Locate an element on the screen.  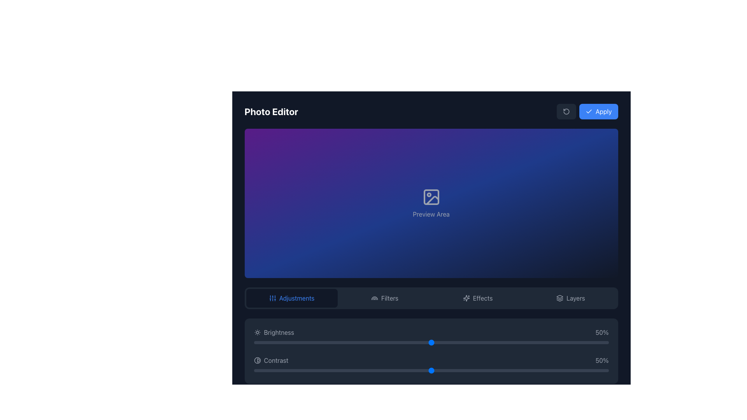
the circular arrow icon within its button located in the upper-right corner of the interface is located at coordinates (566, 111).